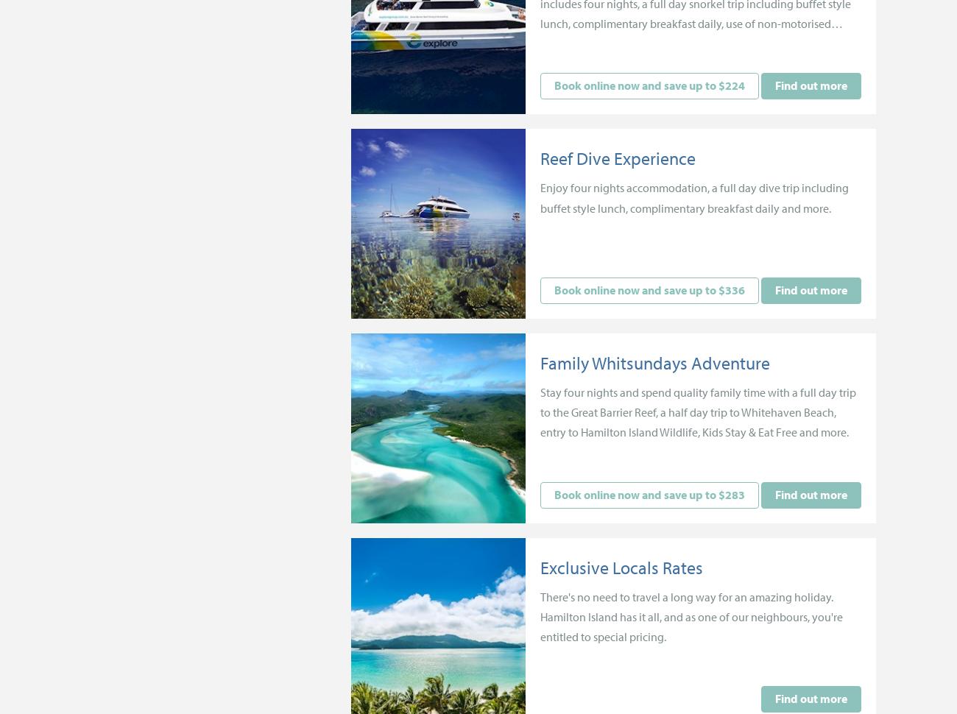 This screenshot has height=714, width=957. What do you see at coordinates (540, 362) in the screenshot?
I see `'Family Whitsundays Adventure'` at bounding box center [540, 362].